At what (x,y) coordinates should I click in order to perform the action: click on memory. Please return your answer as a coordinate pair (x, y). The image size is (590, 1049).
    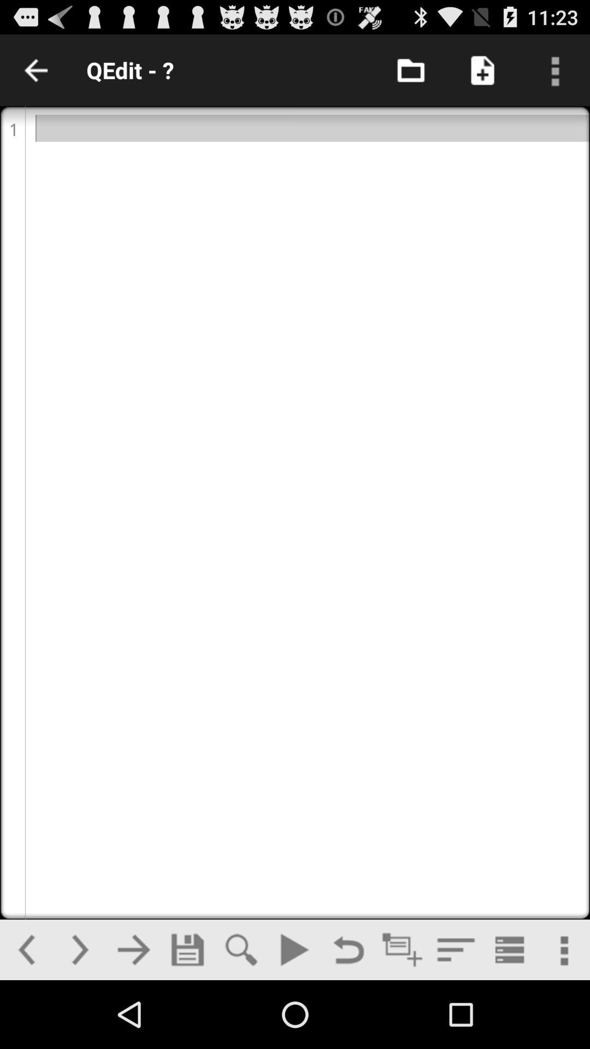
    Looking at the image, I should click on (187, 949).